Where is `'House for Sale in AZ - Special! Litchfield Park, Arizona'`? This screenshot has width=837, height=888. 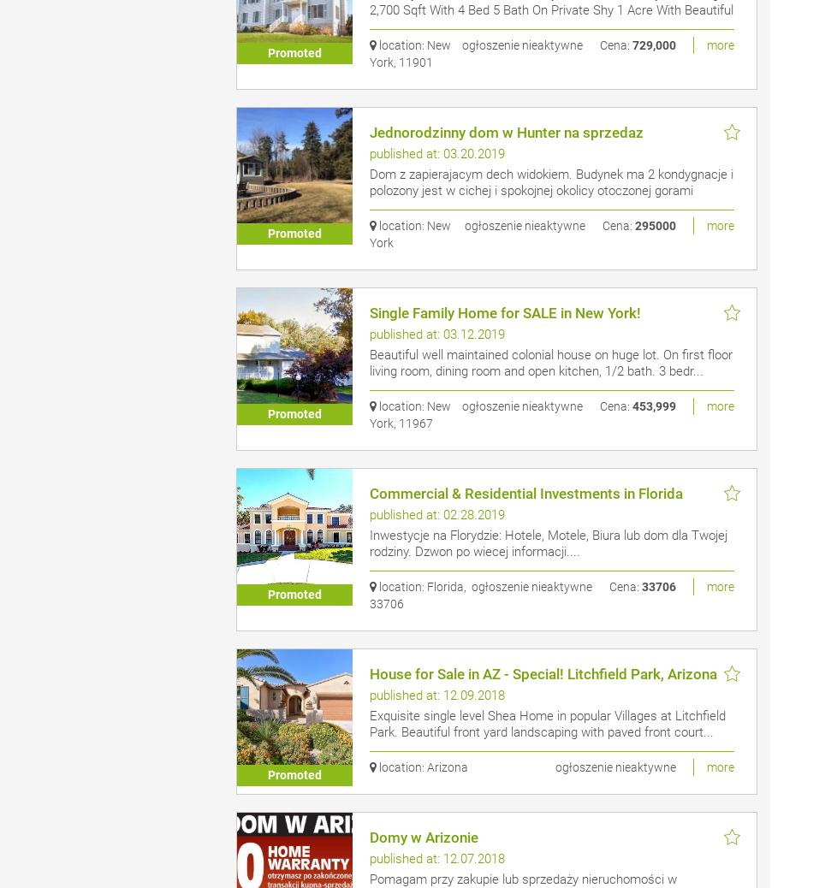 'House for Sale in AZ - Special! Litchfield Park, Arizona' is located at coordinates (543, 674).